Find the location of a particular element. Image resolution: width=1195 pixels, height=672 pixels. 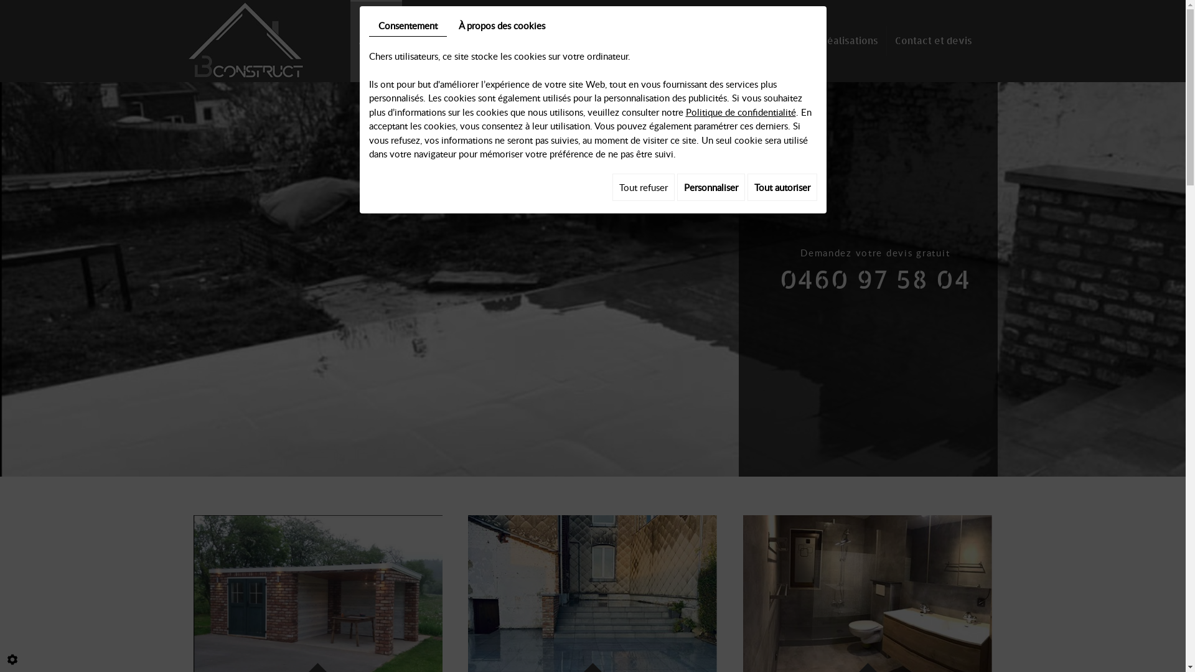

'Tout autoriser' is located at coordinates (781, 187).